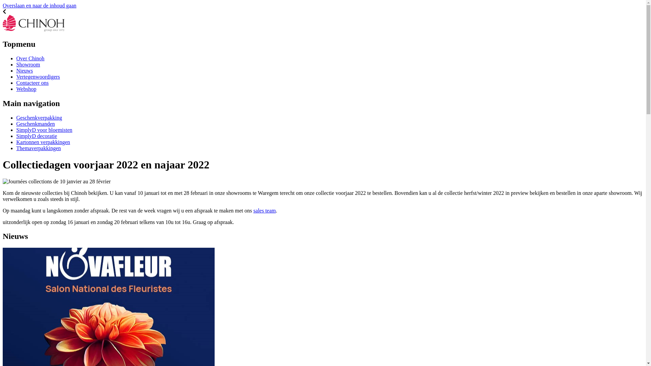 The height and width of the screenshot is (366, 651). Describe the element at coordinates (24, 70) in the screenshot. I see `'Nieuws'` at that location.